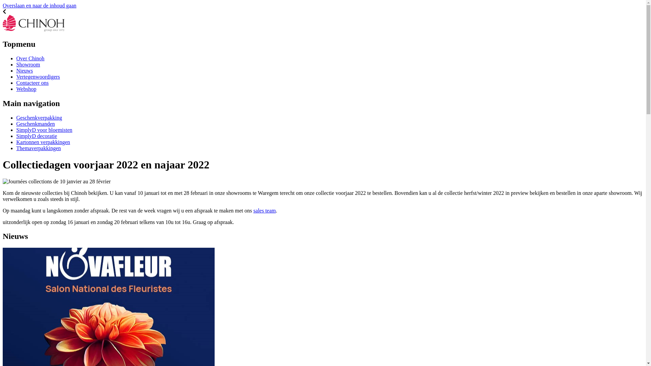 The height and width of the screenshot is (366, 651). Describe the element at coordinates (24, 70) in the screenshot. I see `'Nieuws'` at that location.